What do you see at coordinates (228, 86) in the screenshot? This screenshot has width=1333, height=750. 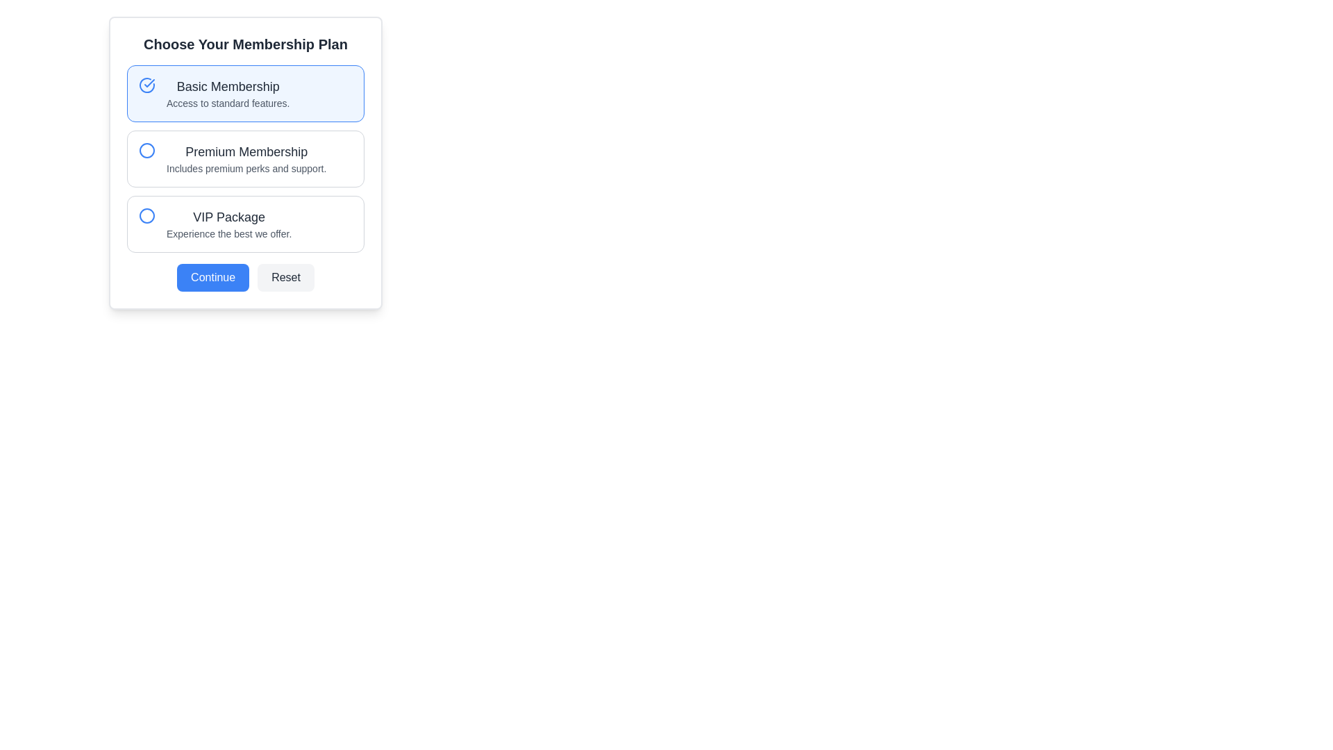 I see `the static text label that serves as the heading for the 'Basic Membership' selection card, positioned at the top-center of the card` at bounding box center [228, 86].